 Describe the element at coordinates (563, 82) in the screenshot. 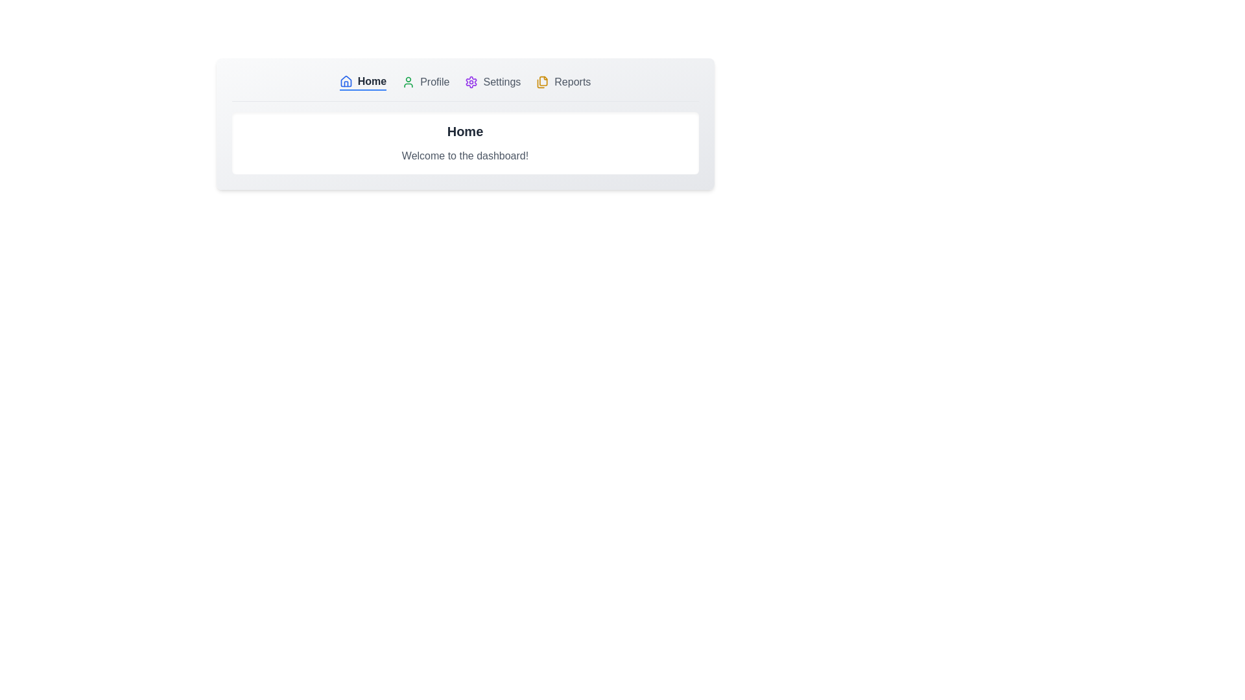

I see `the tab labeled Reports by clicking on its button` at that location.